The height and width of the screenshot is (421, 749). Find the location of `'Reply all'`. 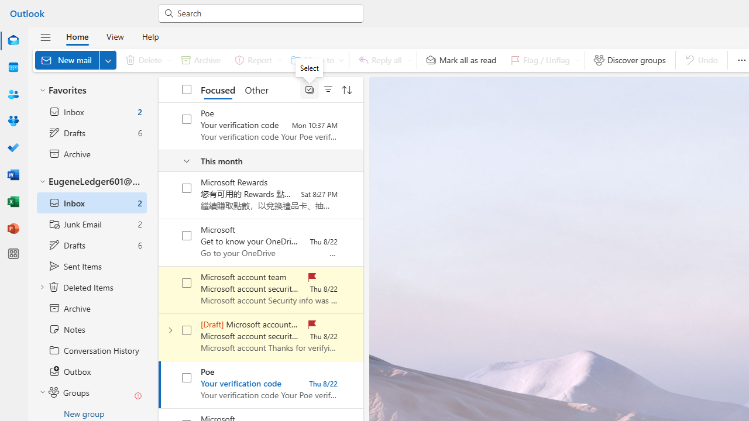

'Reply all' is located at coordinates (383, 60).